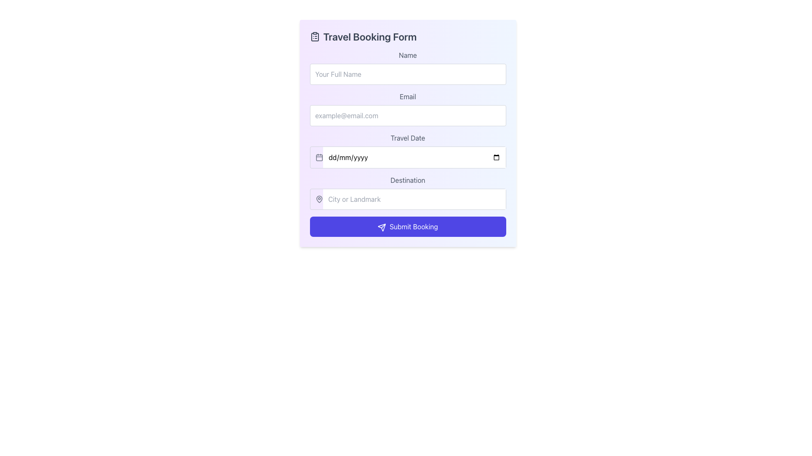 The height and width of the screenshot is (456, 812). Describe the element at coordinates (381, 227) in the screenshot. I see `the paper plane icon, which is styled with white lines on a blue background and located to the left of the 'Submit Booking' text within the button at the center bottom of the form interface` at that location.